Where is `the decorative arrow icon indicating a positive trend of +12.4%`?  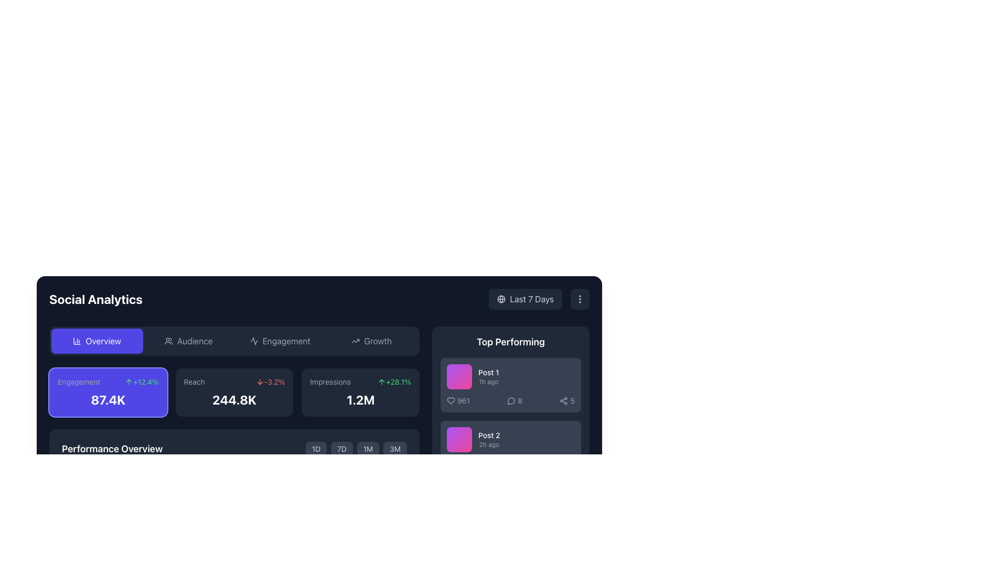
the decorative arrow icon indicating a positive trend of +12.4% is located at coordinates (128, 382).